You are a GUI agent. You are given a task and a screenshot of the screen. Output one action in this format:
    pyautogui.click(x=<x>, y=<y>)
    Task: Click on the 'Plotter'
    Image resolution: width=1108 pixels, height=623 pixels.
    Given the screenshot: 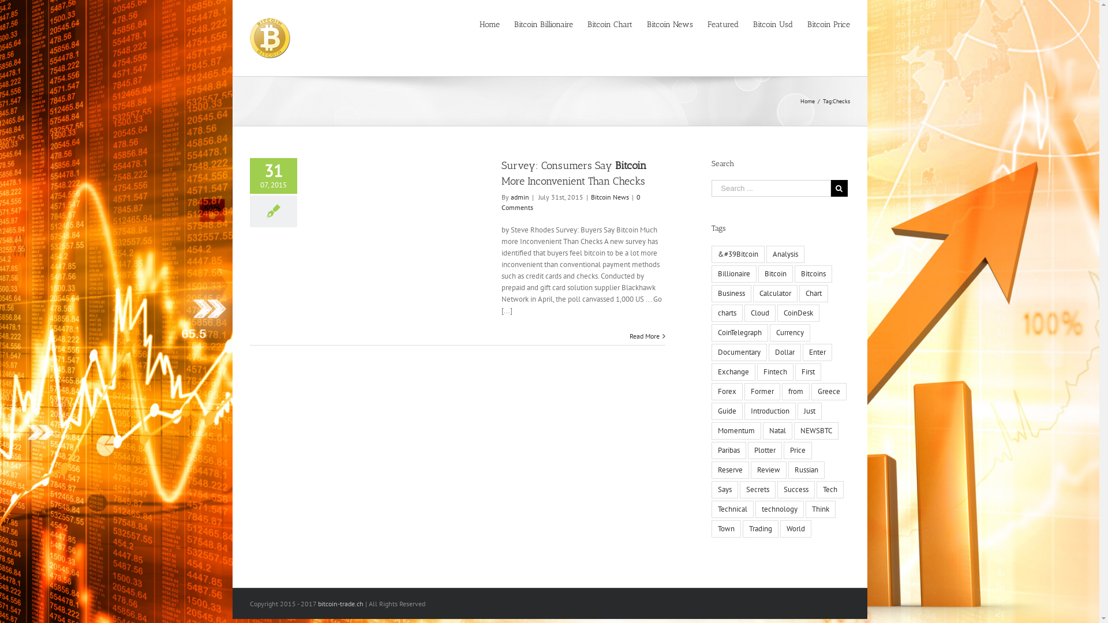 What is the action you would take?
    pyautogui.click(x=748, y=449)
    